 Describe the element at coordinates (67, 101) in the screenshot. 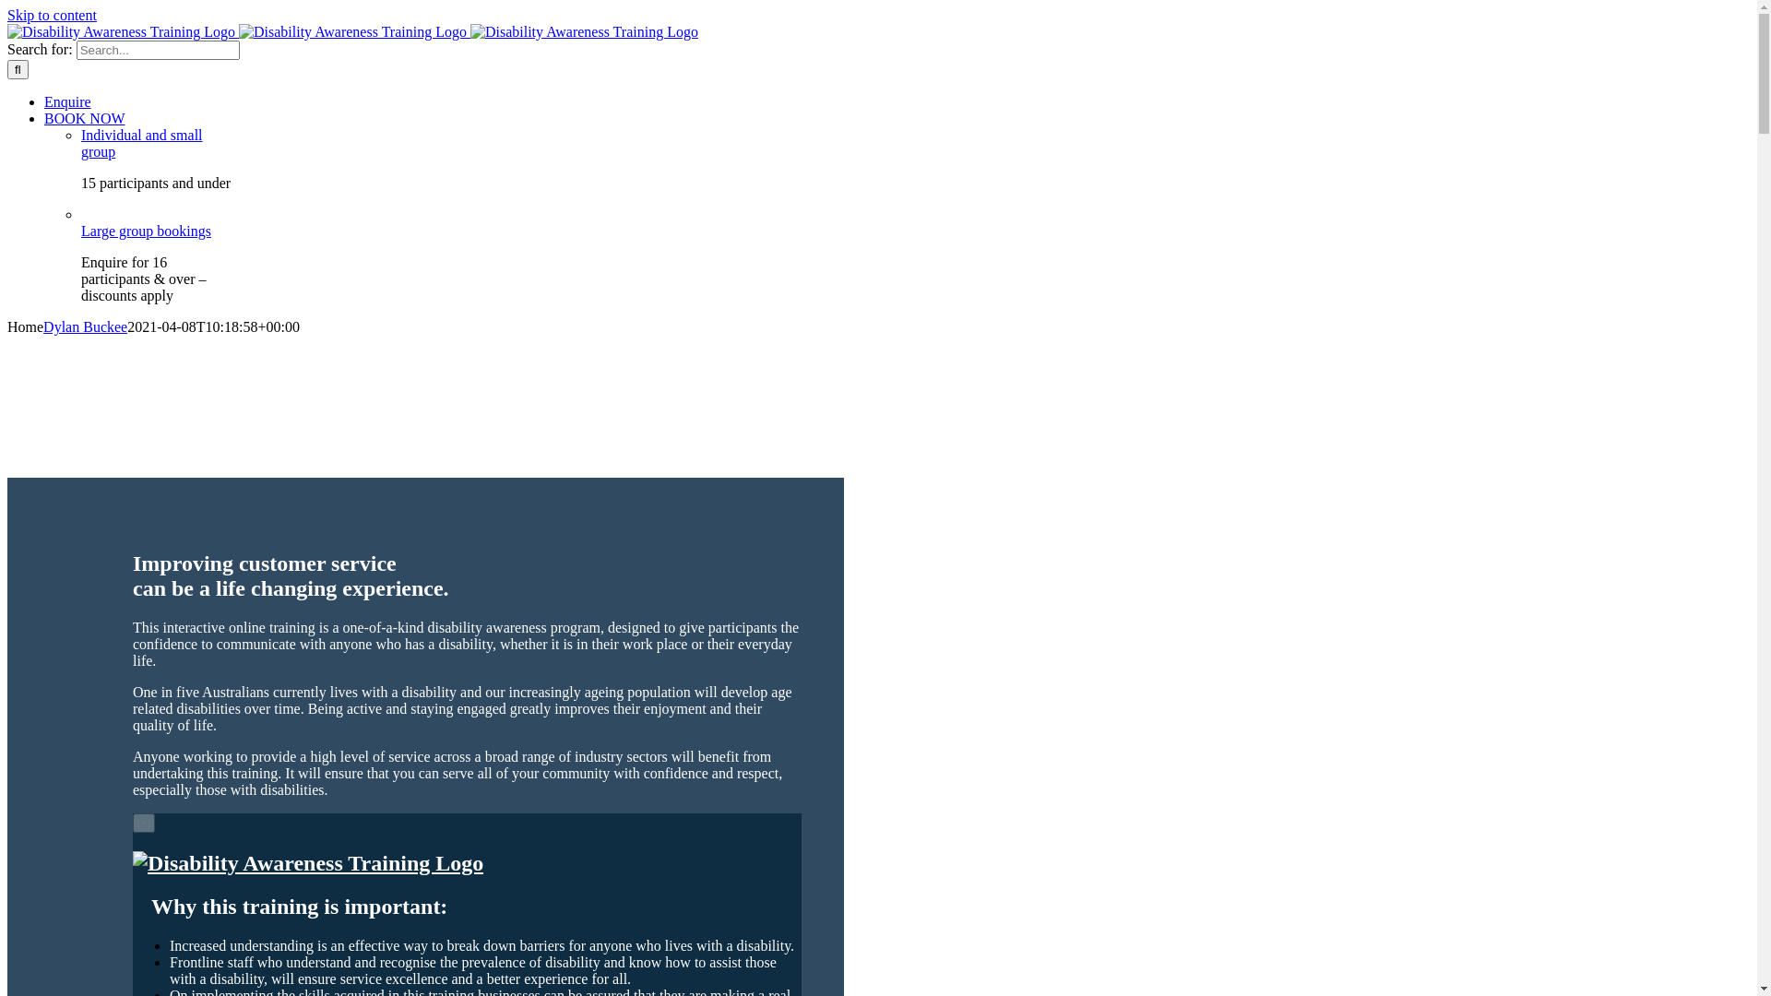

I see `'Enquire'` at that location.